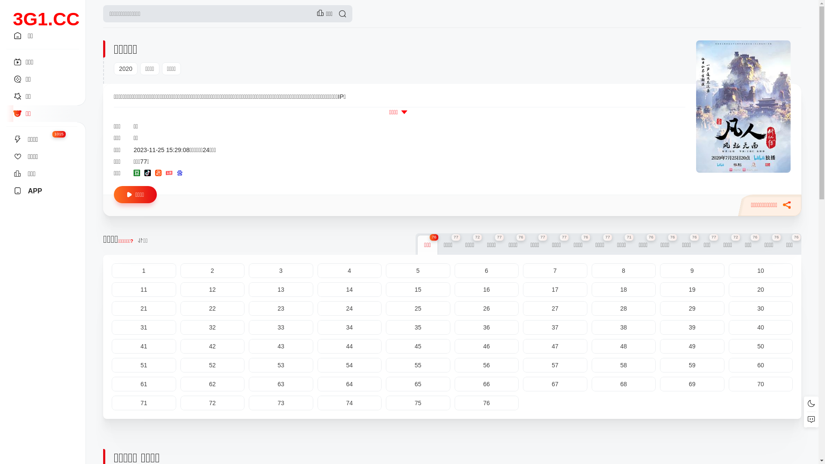 The height and width of the screenshot is (464, 825). Describe the element at coordinates (761, 270) in the screenshot. I see `'10'` at that location.